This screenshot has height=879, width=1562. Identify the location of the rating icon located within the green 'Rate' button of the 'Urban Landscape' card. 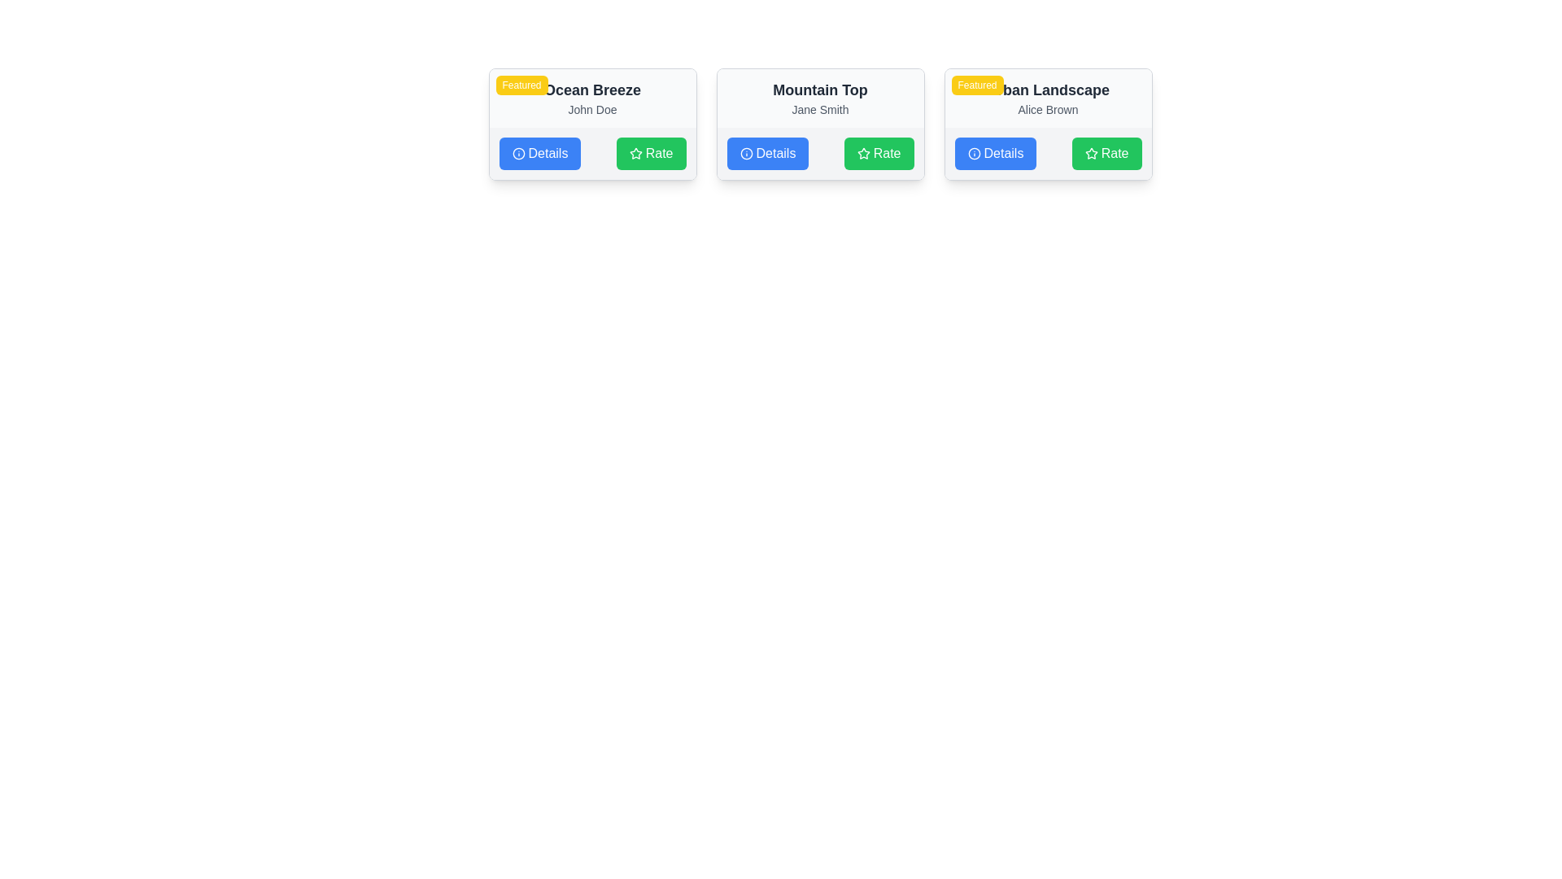
(1091, 154).